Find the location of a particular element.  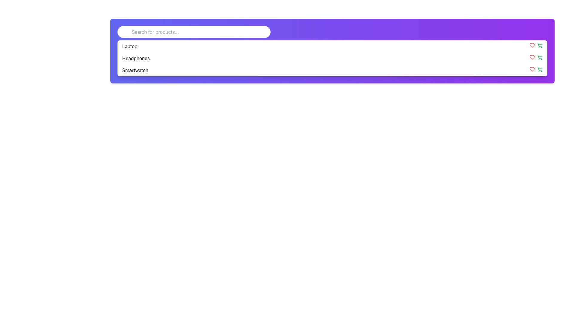

the text label displaying 'Headphones' located in the middle of the interface section containing a vertical menu of items is located at coordinates (136, 58).